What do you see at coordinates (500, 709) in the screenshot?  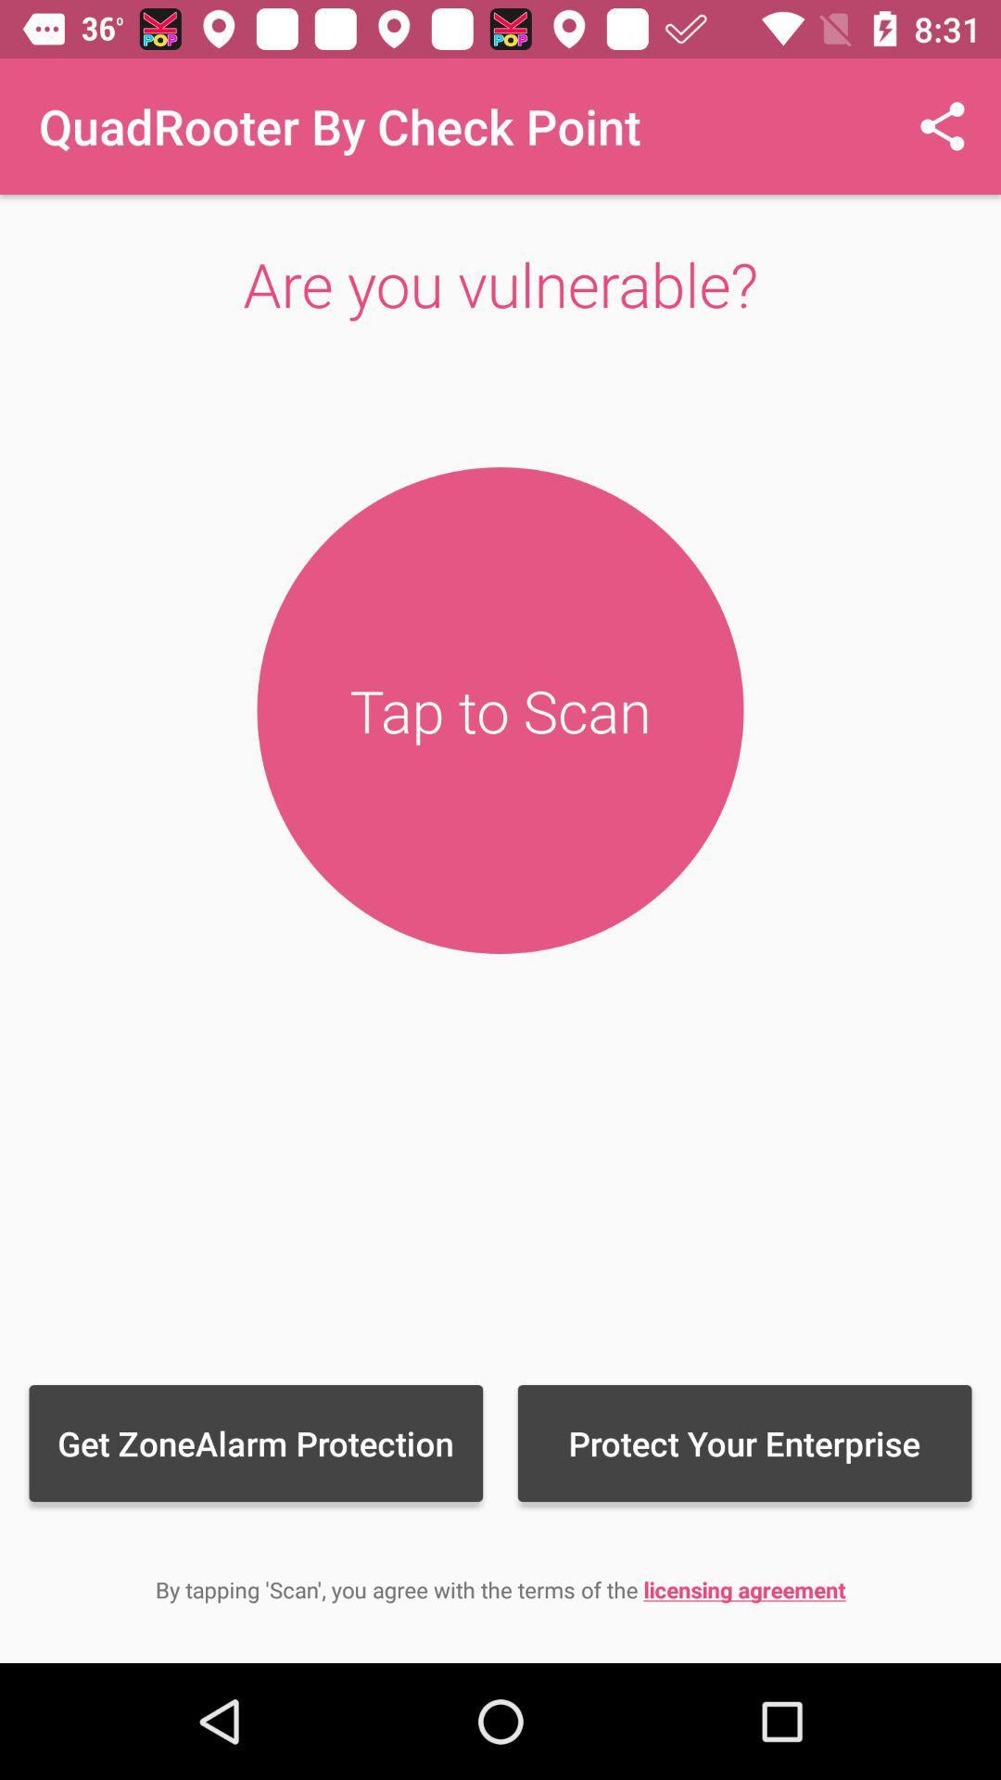 I see `scan button` at bounding box center [500, 709].